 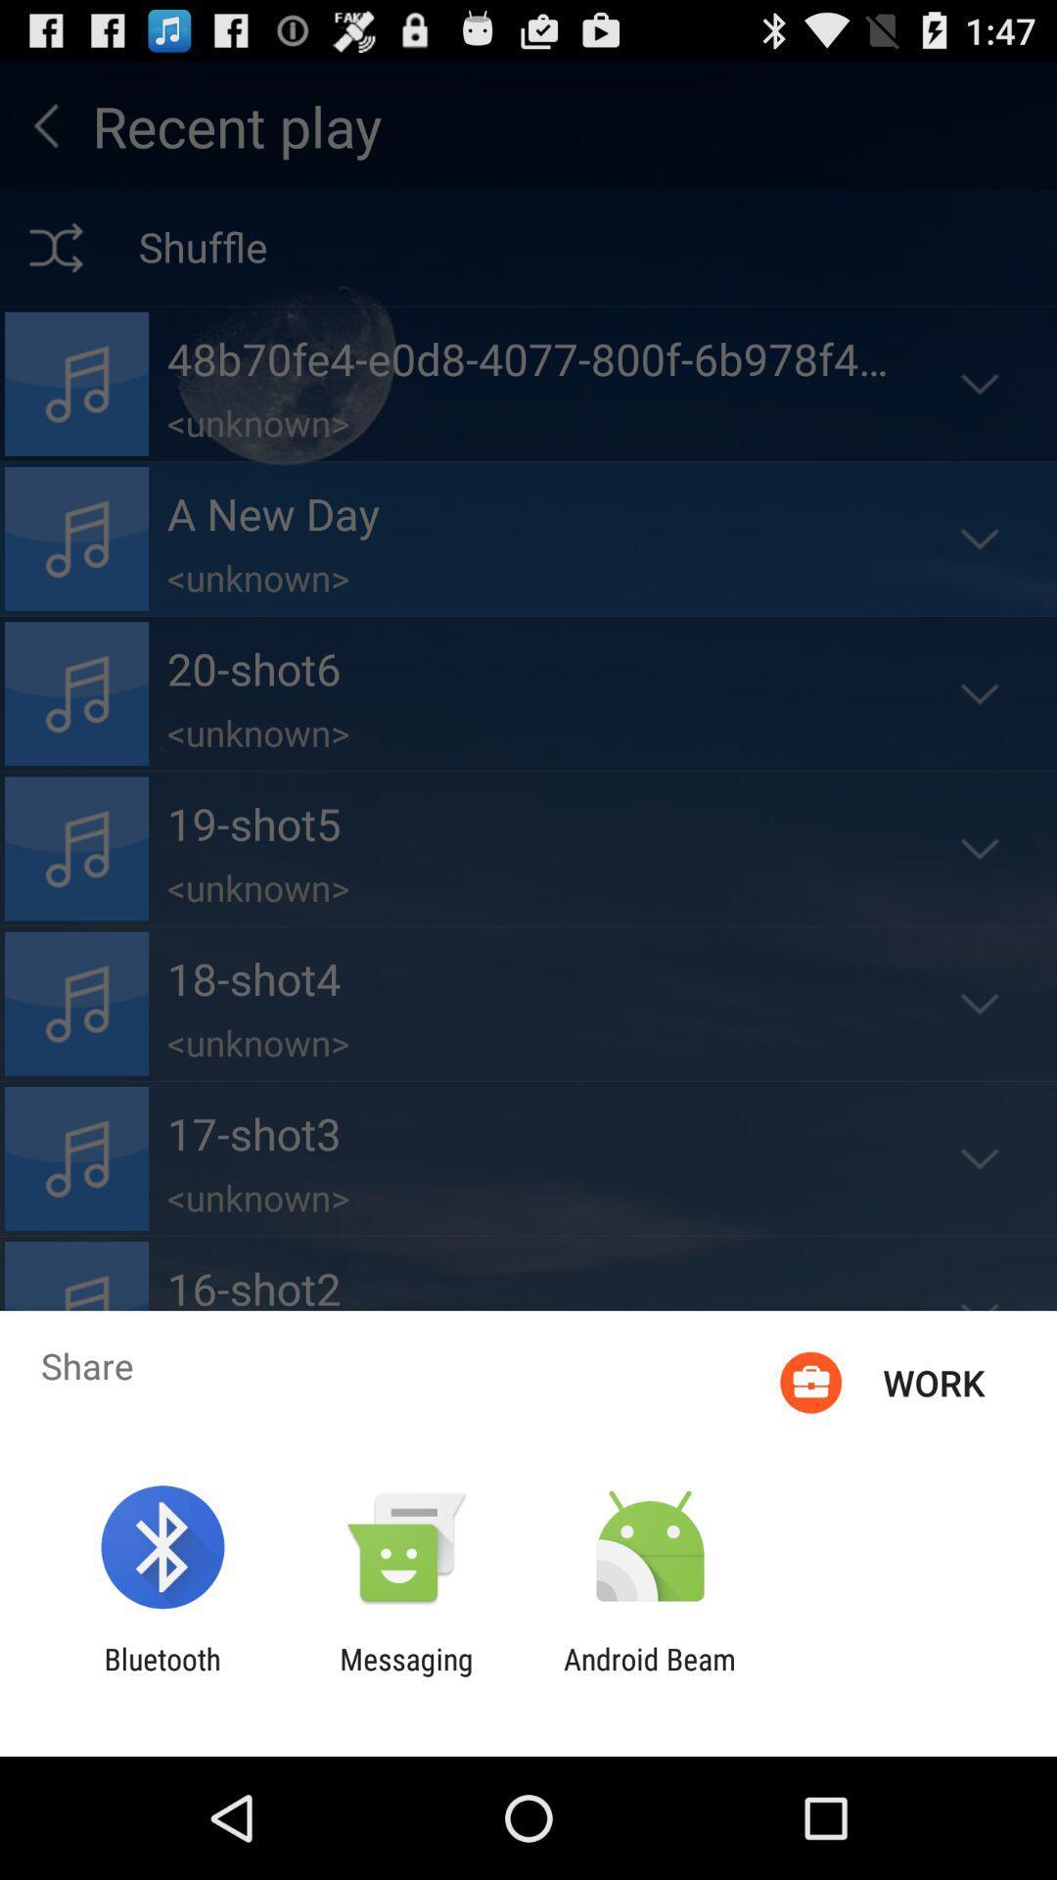 I want to click on item next to the android beam app, so click(x=405, y=1675).